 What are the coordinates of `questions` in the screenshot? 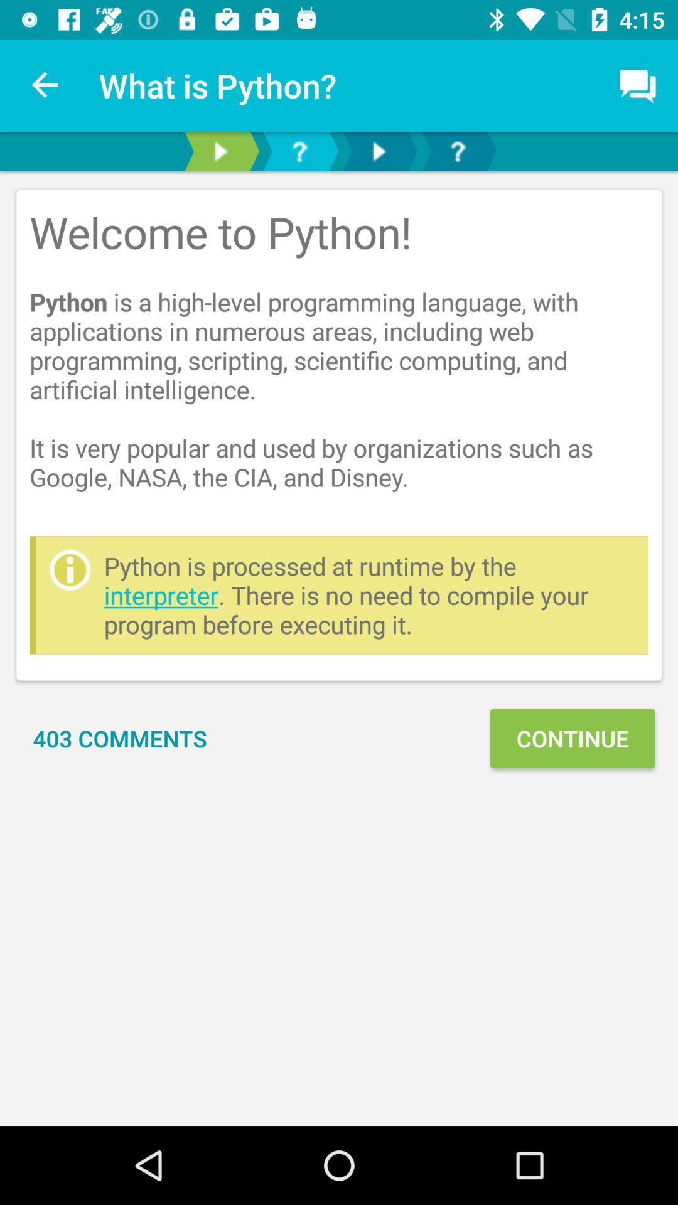 It's located at (299, 151).